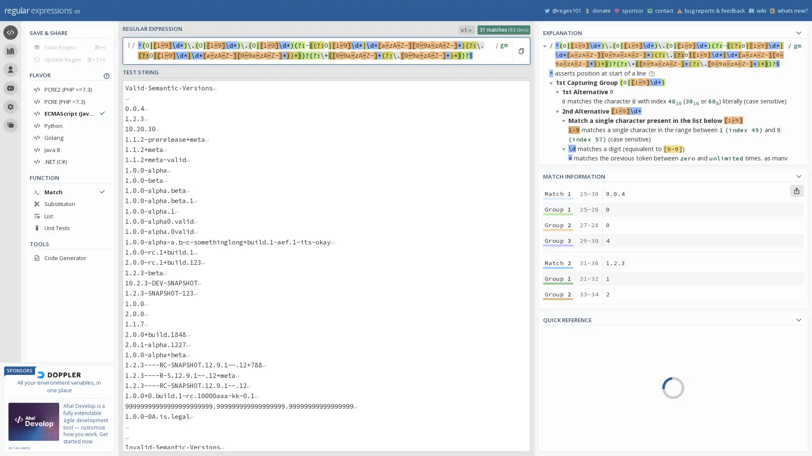 The width and height of the screenshot is (812, 456). I want to click on Collapse Subtree, so click(559, 111).